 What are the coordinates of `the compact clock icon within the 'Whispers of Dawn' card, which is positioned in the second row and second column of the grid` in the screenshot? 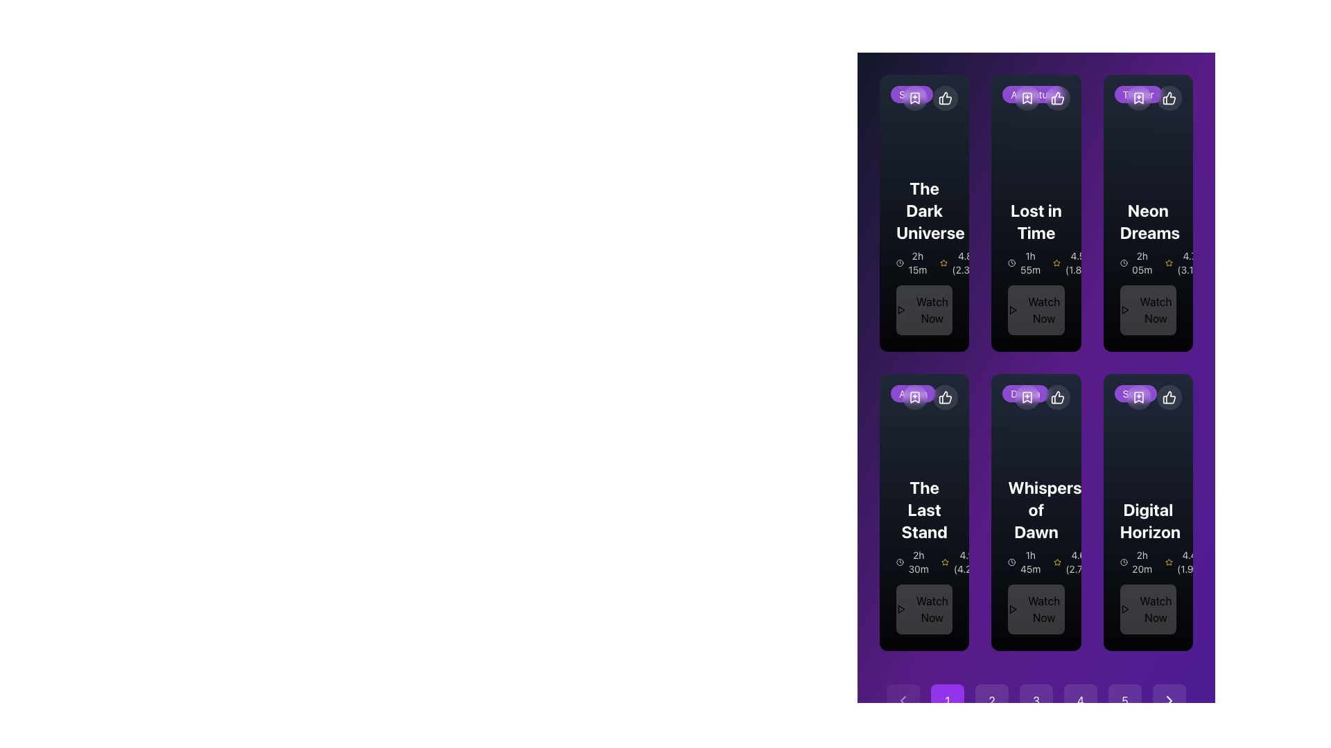 It's located at (1011, 562).